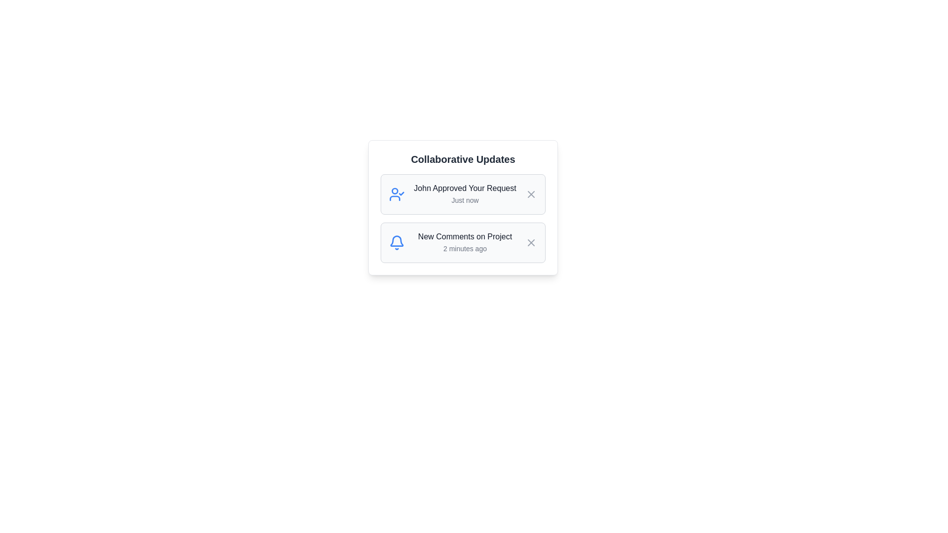 Image resolution: width=948 pixels, height=533 pixels. I want to click on the text display element that informs the user about new comments on a project, positioned centrally within the lower notification, to the right of the bell icon, so click(464, 243).